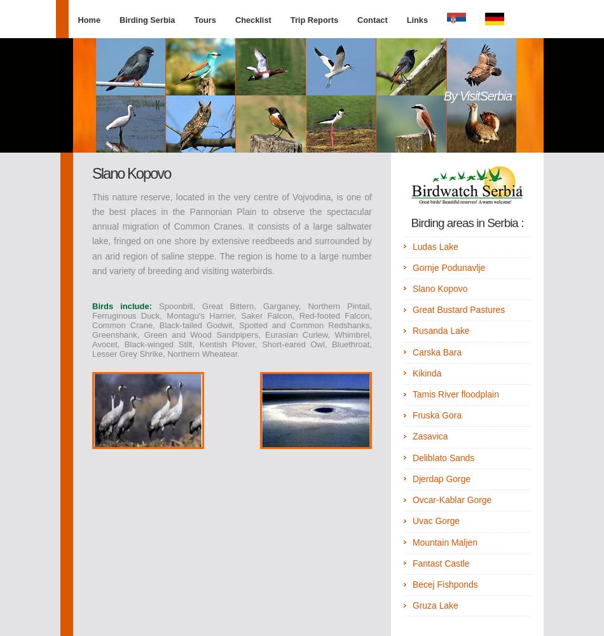  I want to click on 'Rusanda Lake', so click(411, 331).